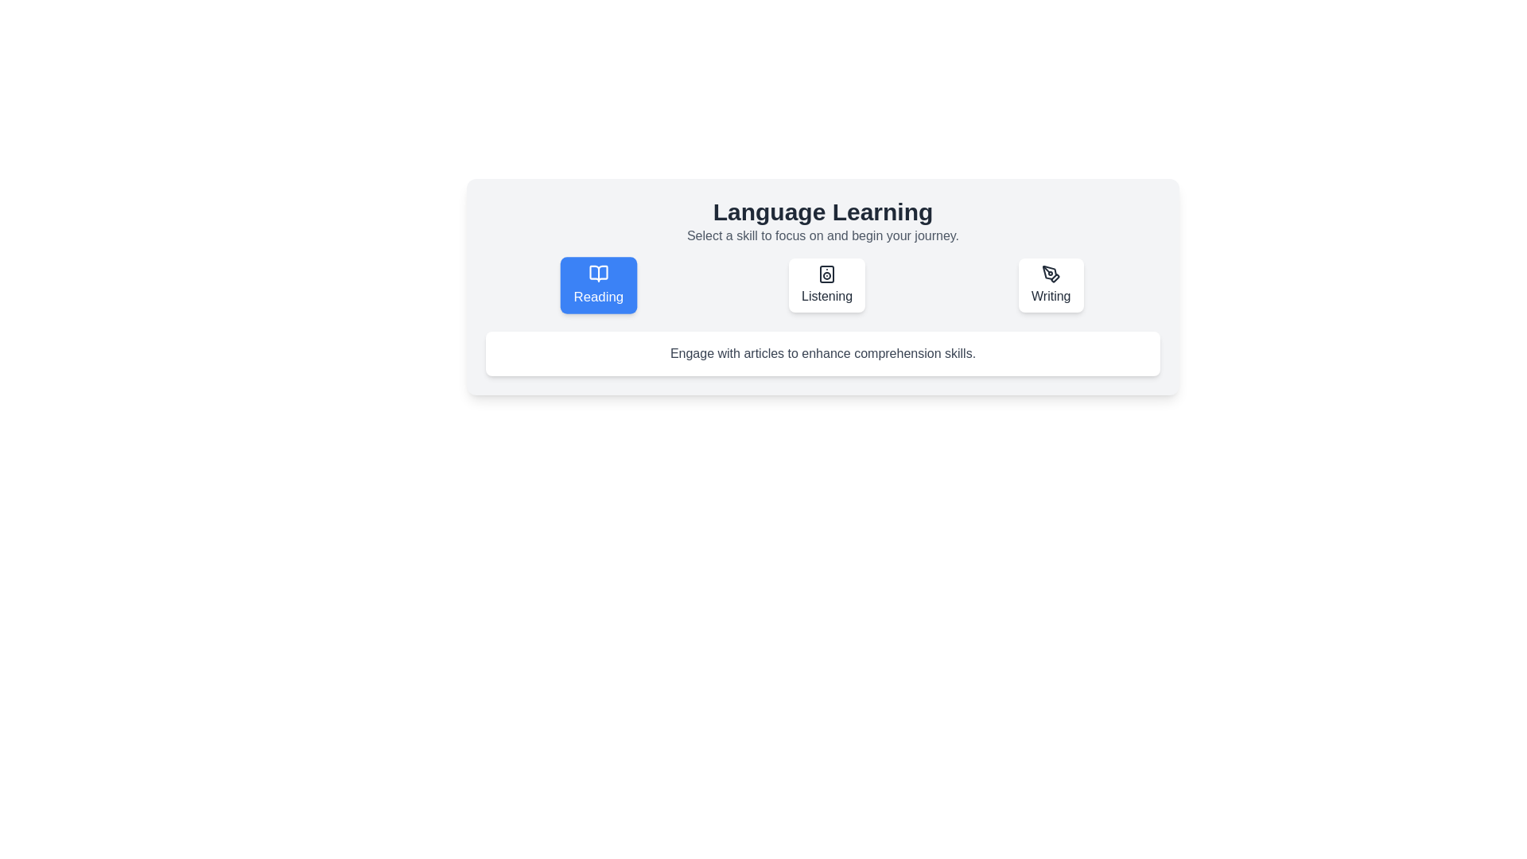  I want to click on the 'Writing' skill button, which is the third button in a row of three, positioned to the far right below the title 'Language Learning', so click(1051, 284).